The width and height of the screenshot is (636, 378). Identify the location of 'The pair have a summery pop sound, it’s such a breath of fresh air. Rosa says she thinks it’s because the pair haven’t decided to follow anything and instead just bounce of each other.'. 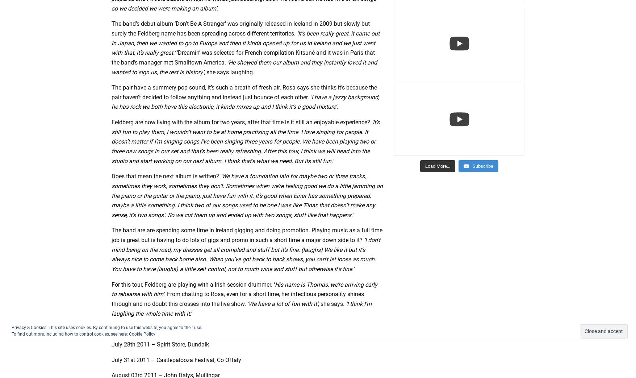
(244, 92).